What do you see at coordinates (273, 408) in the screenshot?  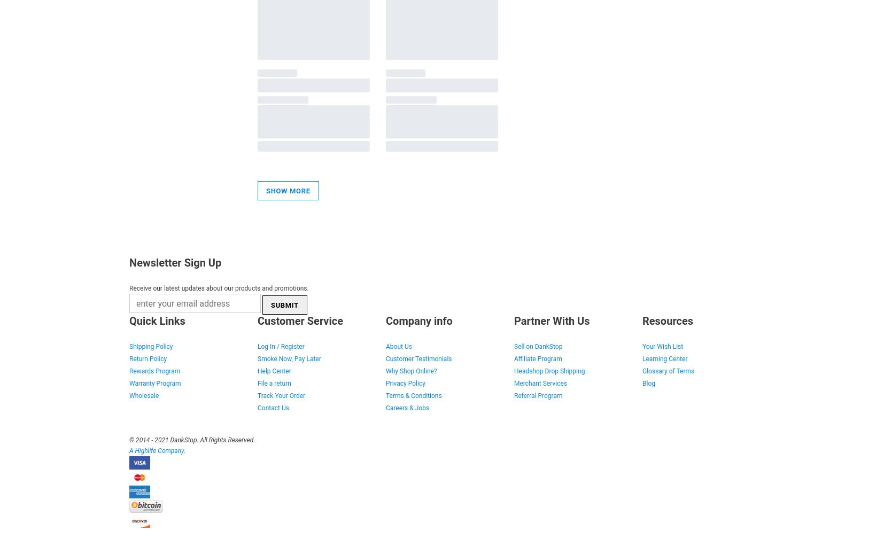 I see `'Contact Us'` at bounding box center [273, 408].